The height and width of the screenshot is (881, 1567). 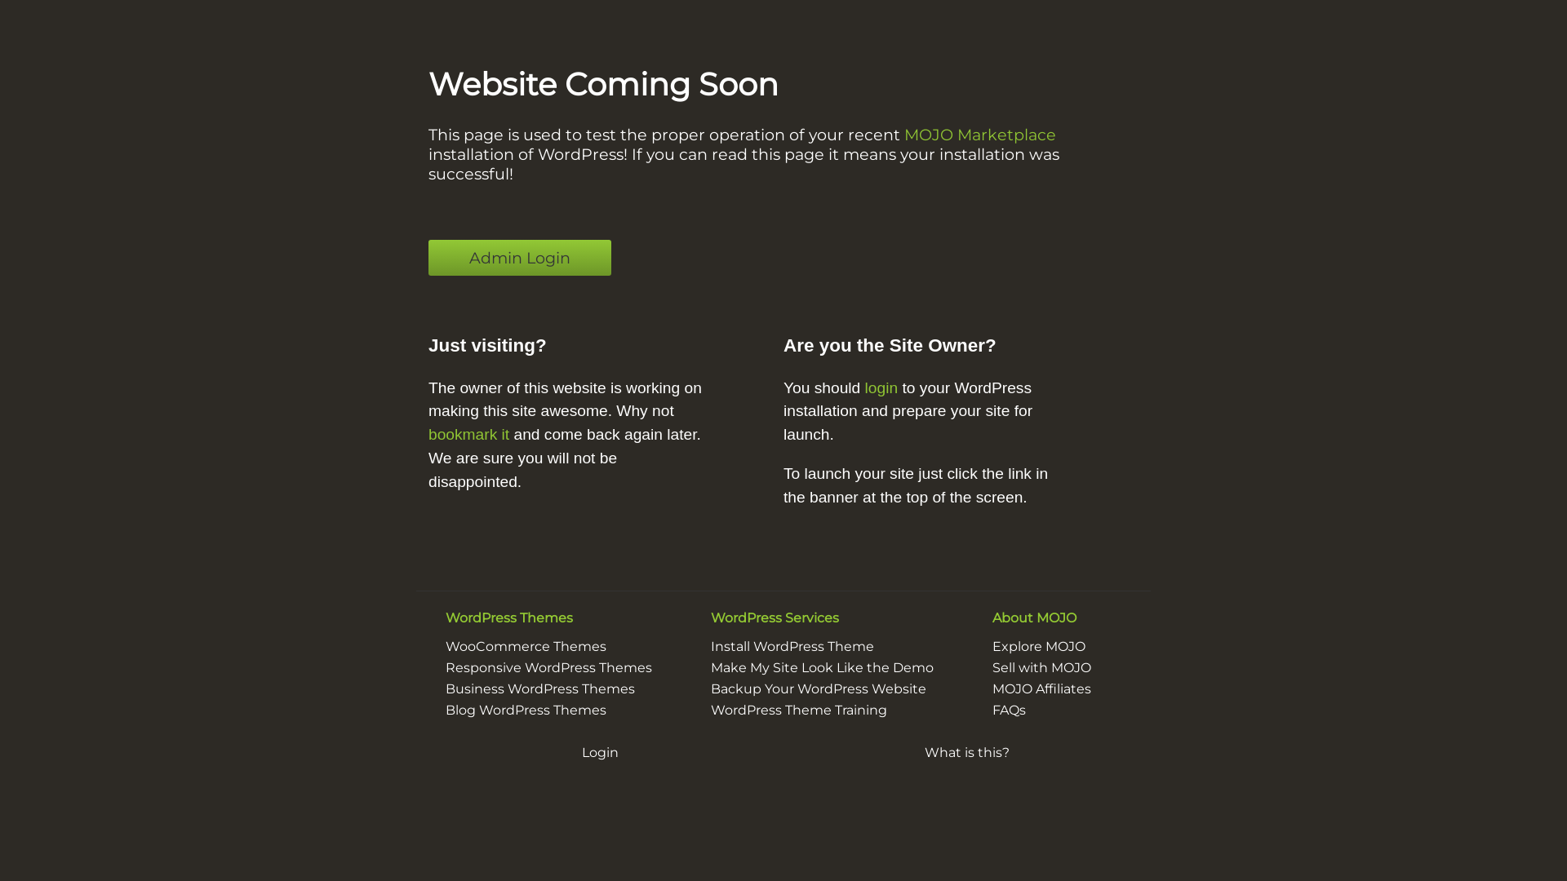 What do you see at coordinates (508, 618) in the screenshot?
I see `'WordPress Themes'` at bounding box center [508, 618].